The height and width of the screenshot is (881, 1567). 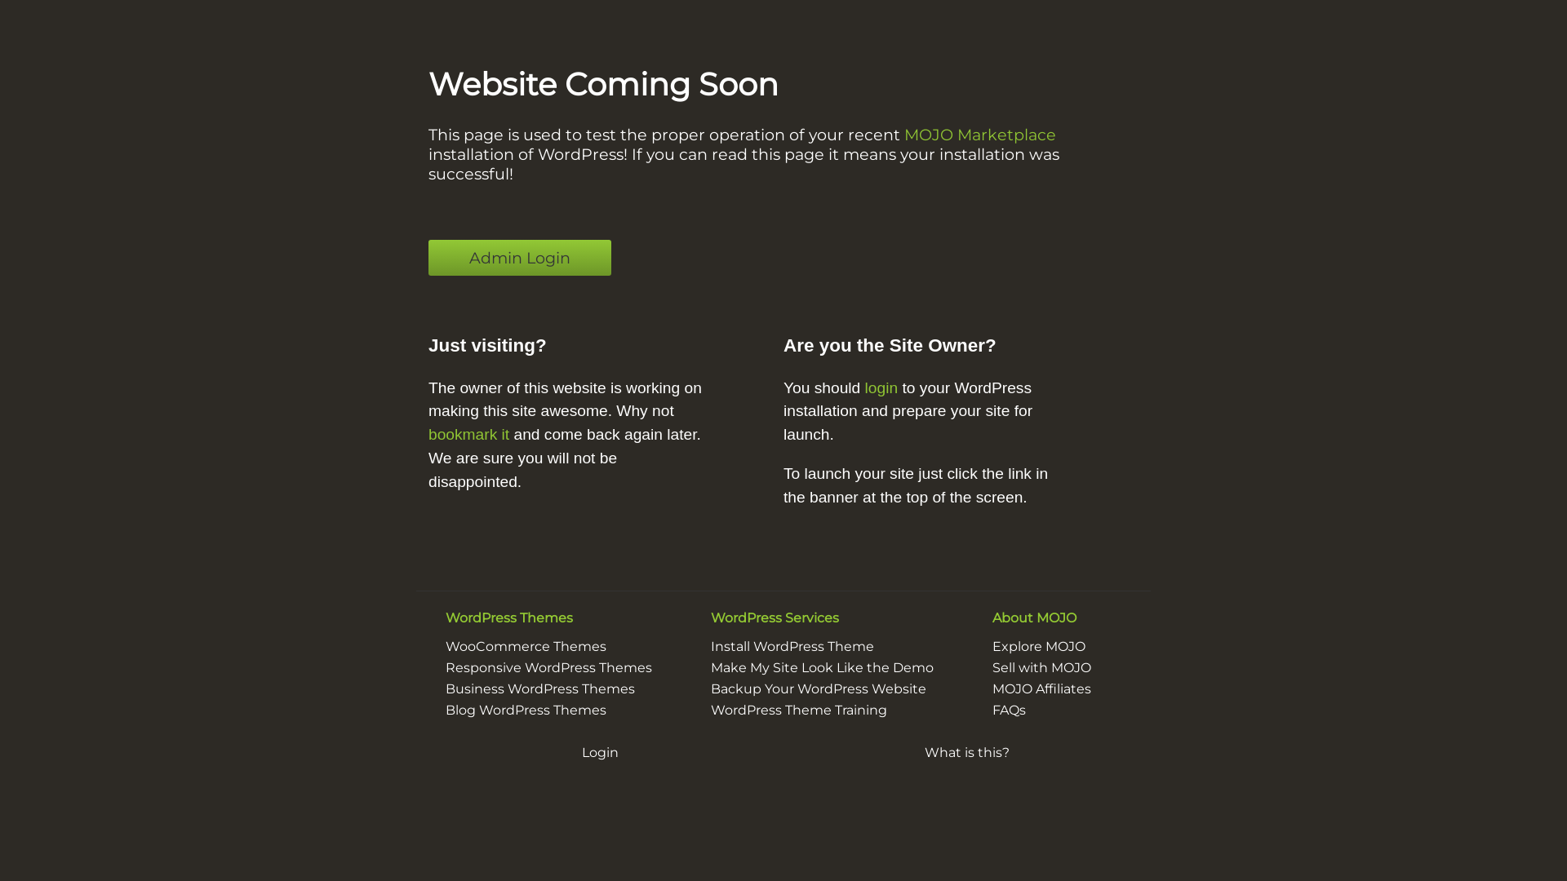 What do you see at coordinates (508, 618) in the screenshot?
I see `'WordPress Themes'` at bounding box center [508, 618].